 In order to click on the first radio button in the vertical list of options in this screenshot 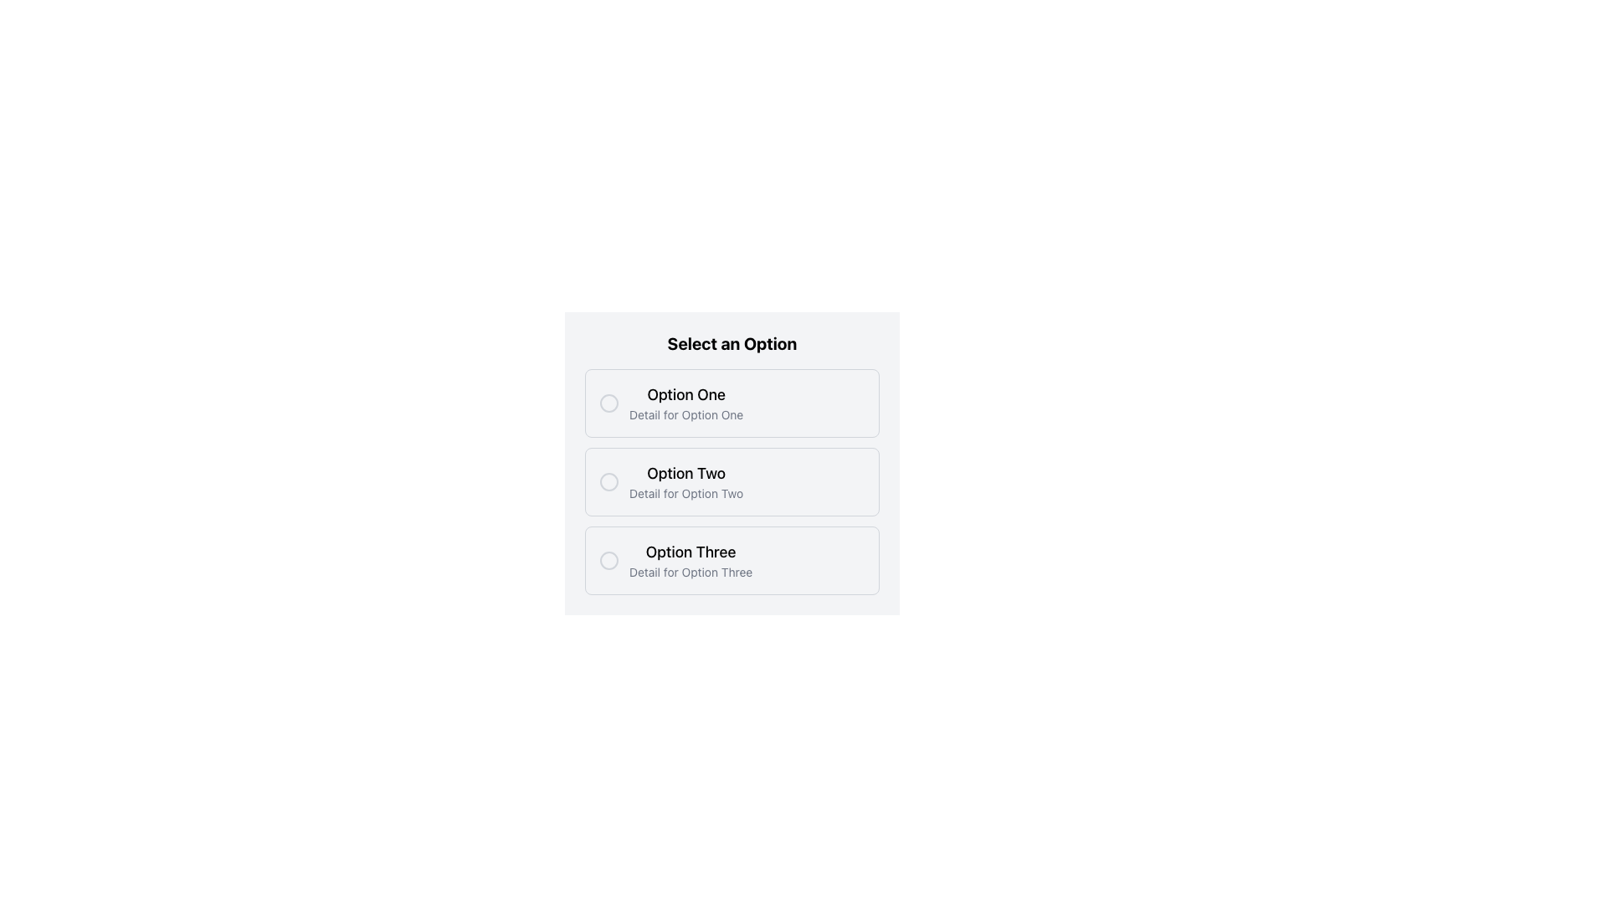, I will do `click(608, 403)`.